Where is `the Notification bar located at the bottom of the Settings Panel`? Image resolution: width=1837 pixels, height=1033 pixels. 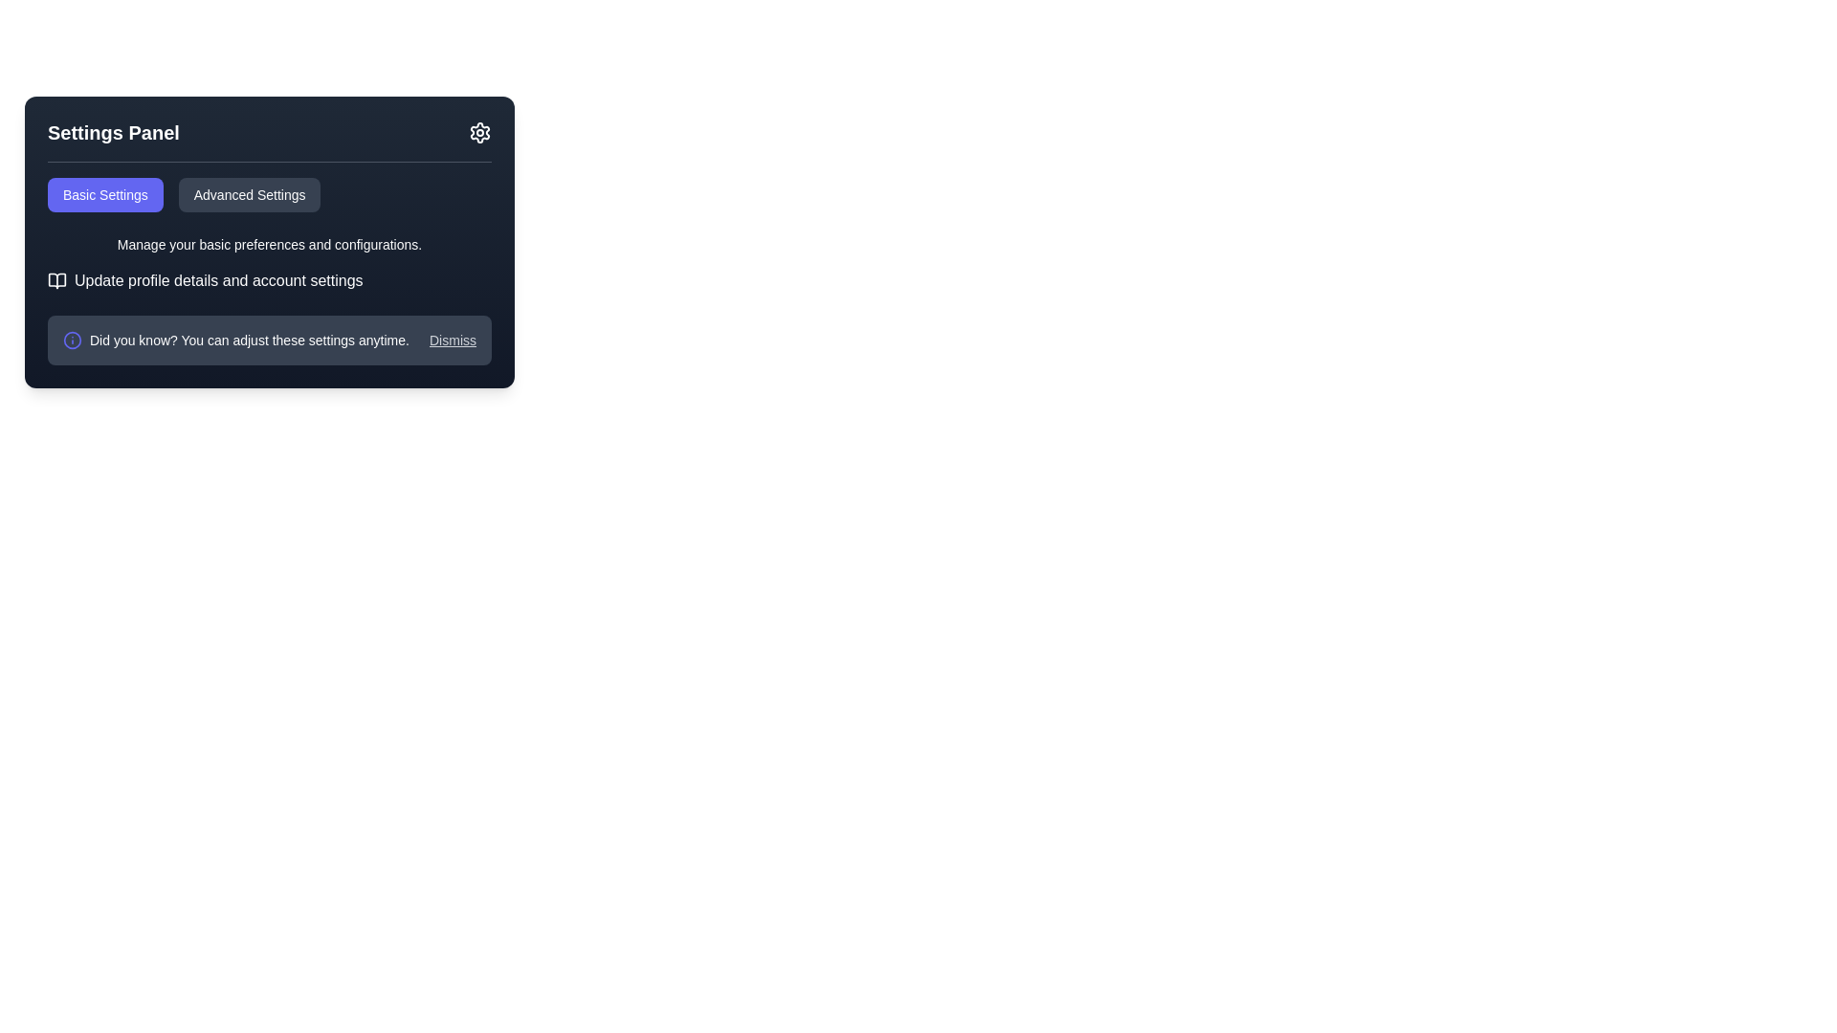 the Notification bar located at the bottom of the Settings Panel is located at coordinates (269, 339).